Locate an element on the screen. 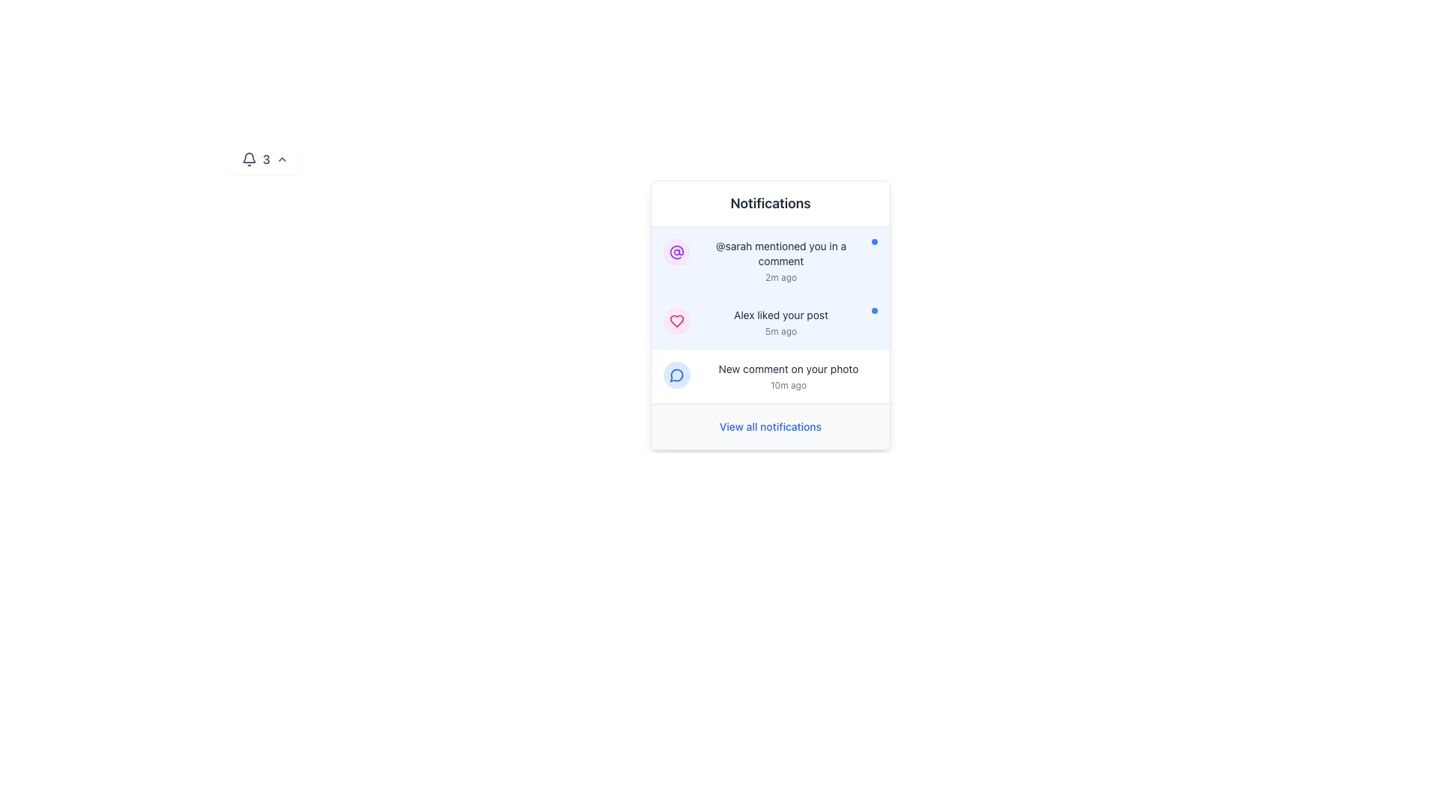 This screenshot has height=809, width=1438. the text label displaying '10m ago' which is positioned under 'New comment on your photo' within the notification card is located at coordinates (787, 385).